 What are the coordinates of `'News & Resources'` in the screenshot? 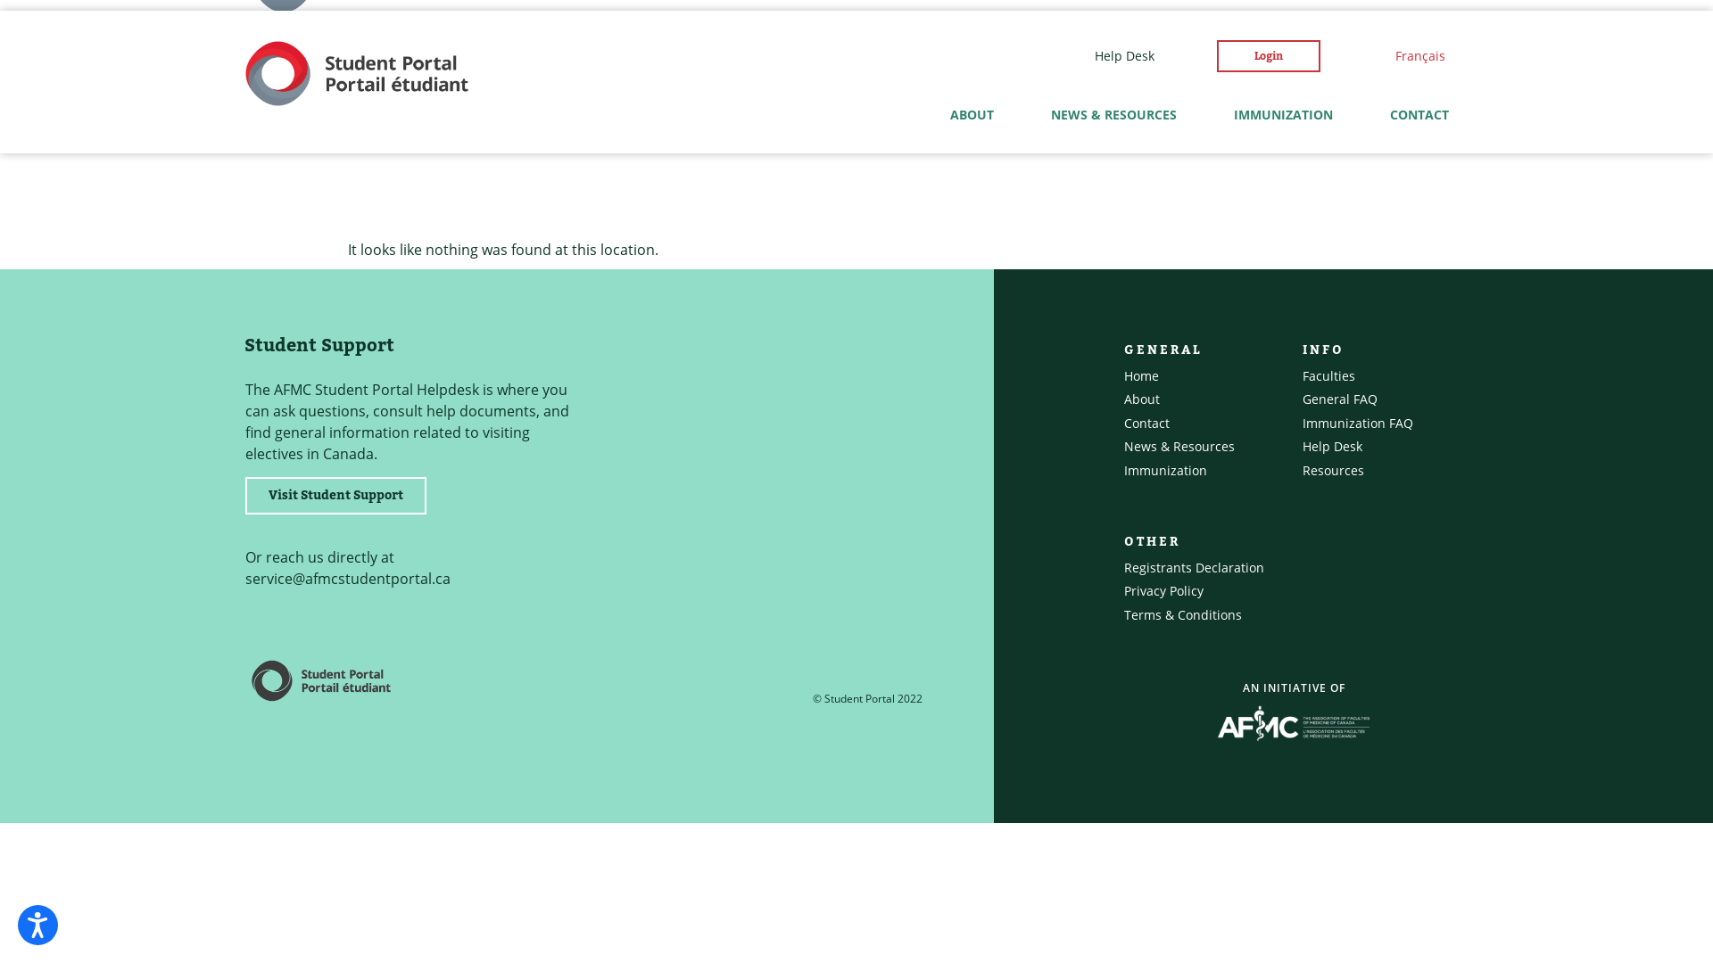 It's located at (1179, 445).